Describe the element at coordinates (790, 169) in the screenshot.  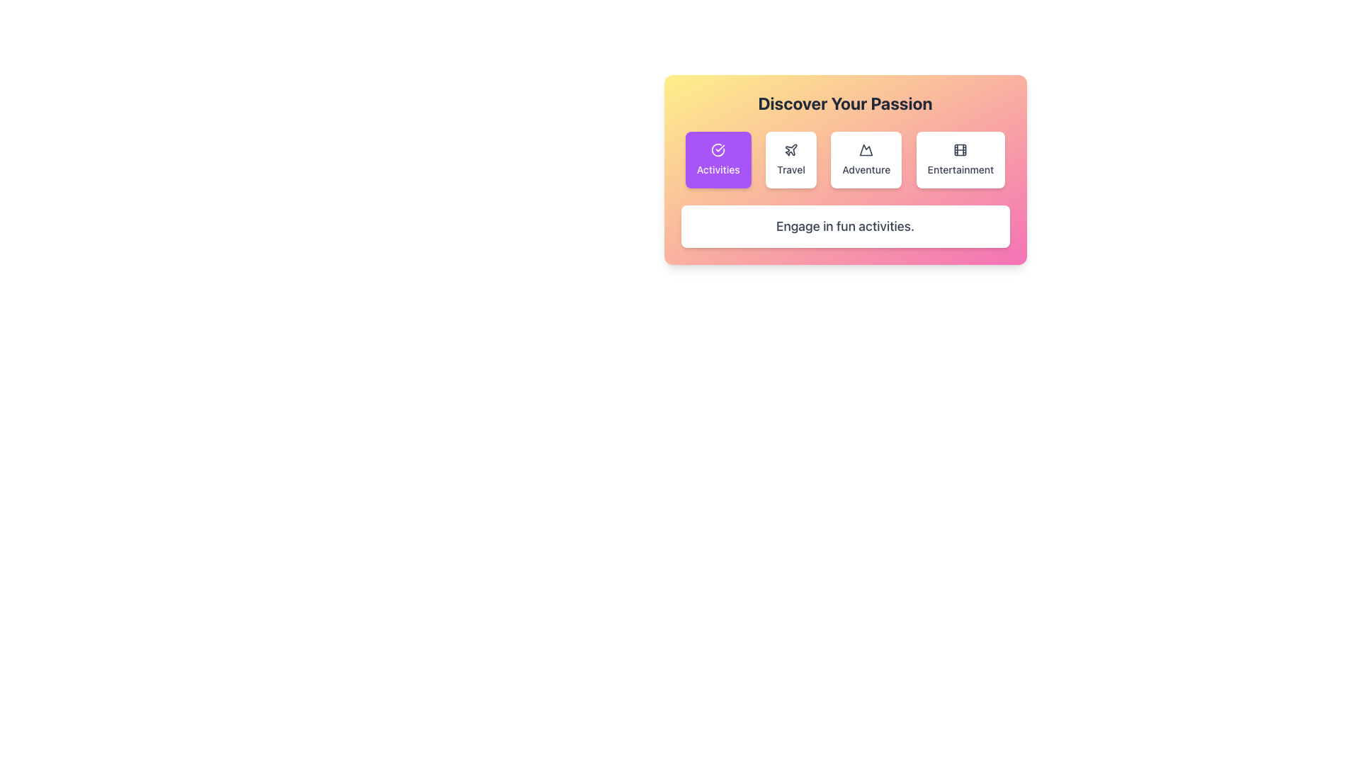
I see `the 'Travel' static text label, which is styled with small-sized black text in a medium-weight font and is located below an airplane icon within a white, rounded rectangular button` at that location.